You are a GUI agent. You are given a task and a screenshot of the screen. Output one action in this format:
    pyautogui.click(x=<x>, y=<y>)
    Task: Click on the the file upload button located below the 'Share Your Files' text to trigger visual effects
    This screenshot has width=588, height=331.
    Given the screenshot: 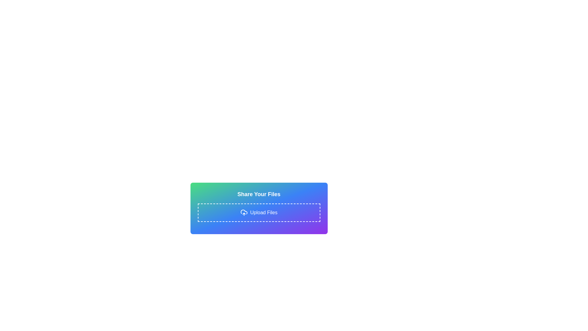 What is the action you would take?
    pyautogui.click(x=259, y=212)
    